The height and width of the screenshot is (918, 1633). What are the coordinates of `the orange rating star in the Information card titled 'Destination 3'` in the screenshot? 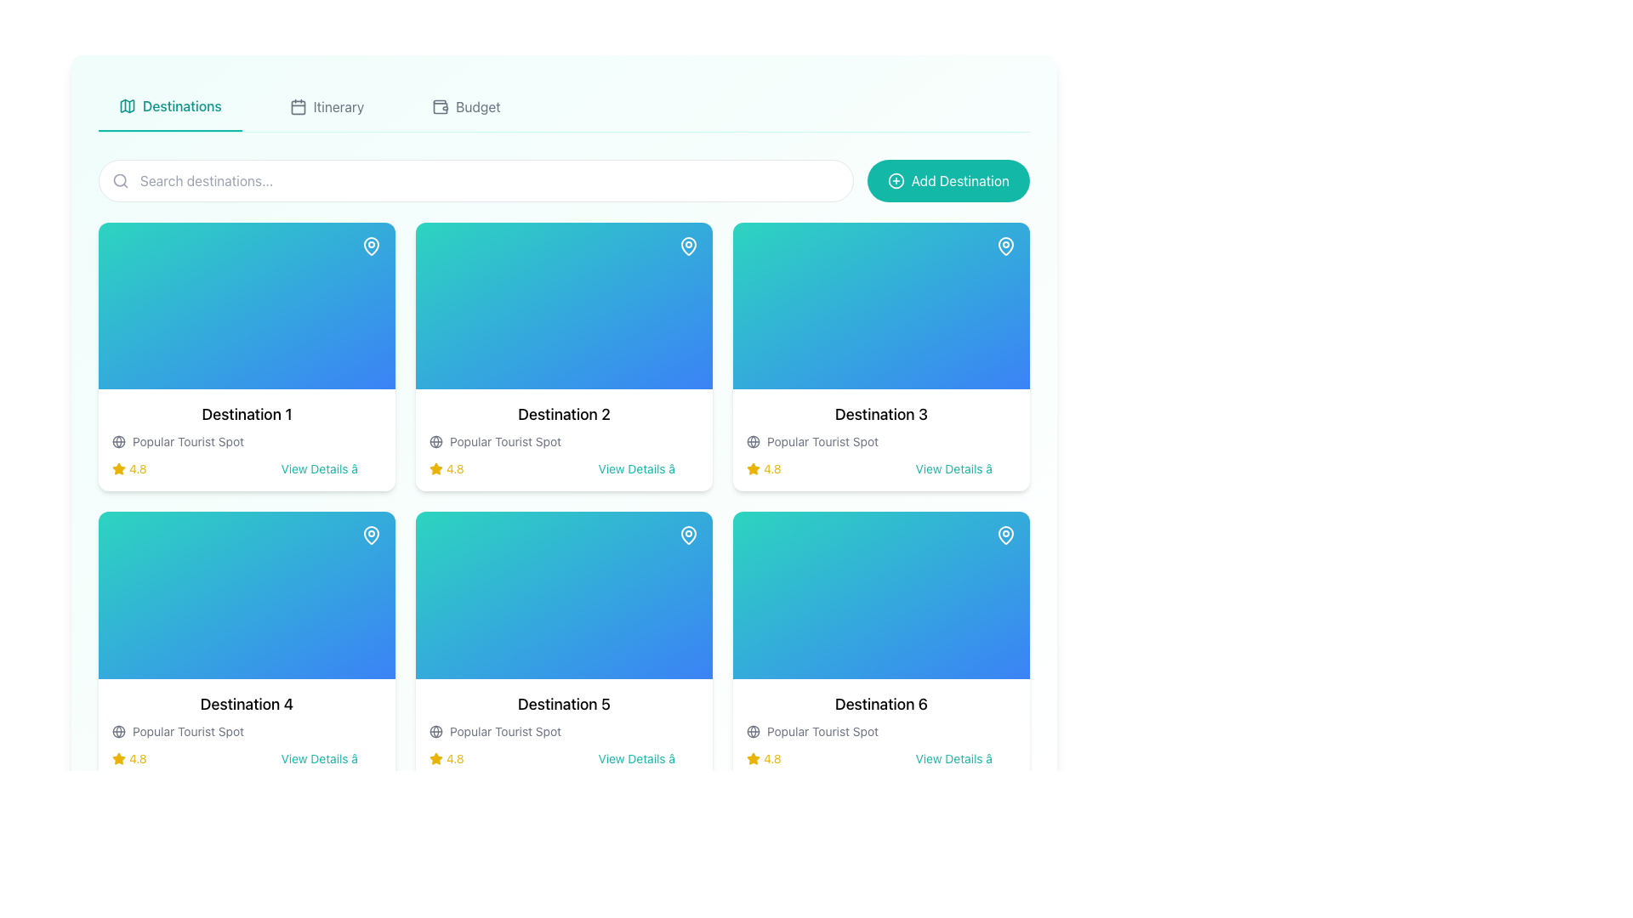 It's located at (881, 439).